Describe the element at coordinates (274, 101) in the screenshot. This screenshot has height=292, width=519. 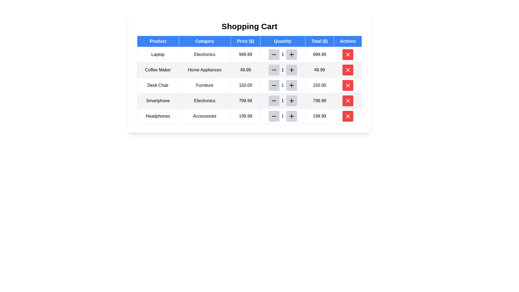
I see `the decrement button for the 'Smartphone' product by navigating via keyboard` at that location.